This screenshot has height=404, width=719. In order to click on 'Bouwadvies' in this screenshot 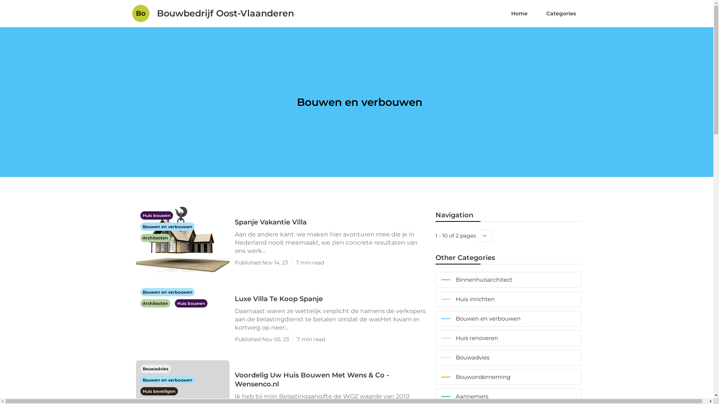, I will do `click(155, 368)`.